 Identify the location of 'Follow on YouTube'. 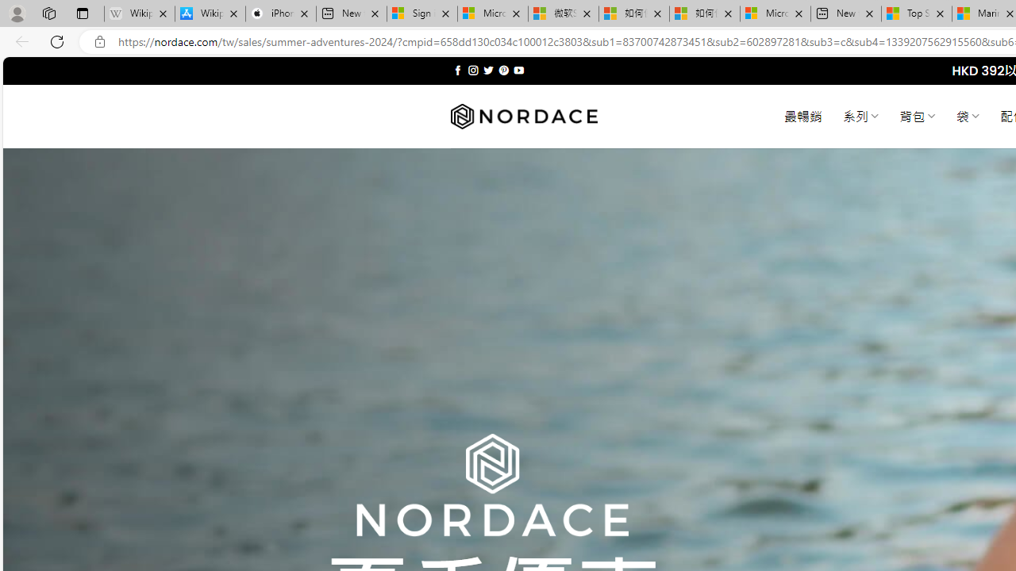
(518, 70).